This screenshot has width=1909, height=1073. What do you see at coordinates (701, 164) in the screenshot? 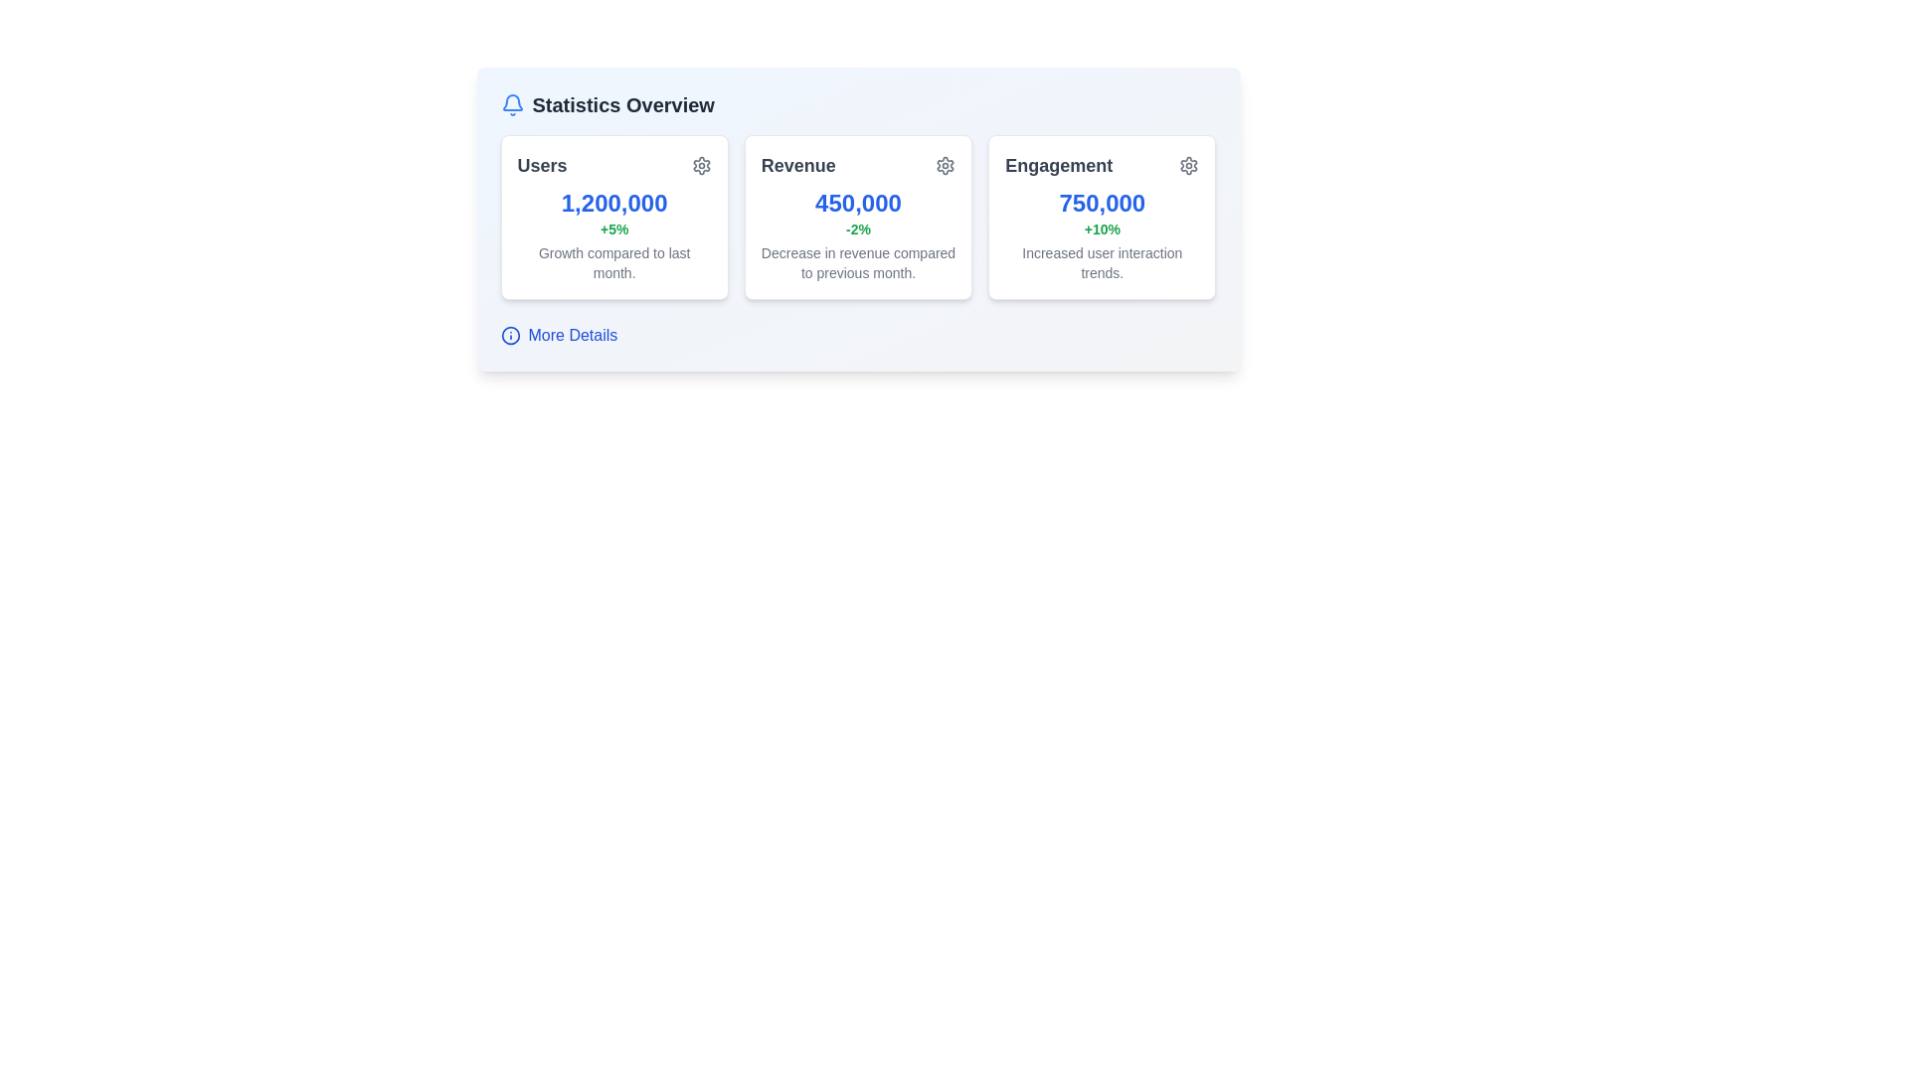
I see `the gear icon in the top-right corner of the 'Users' card within the Statistics Overview section` at bounding box center [701, 164].